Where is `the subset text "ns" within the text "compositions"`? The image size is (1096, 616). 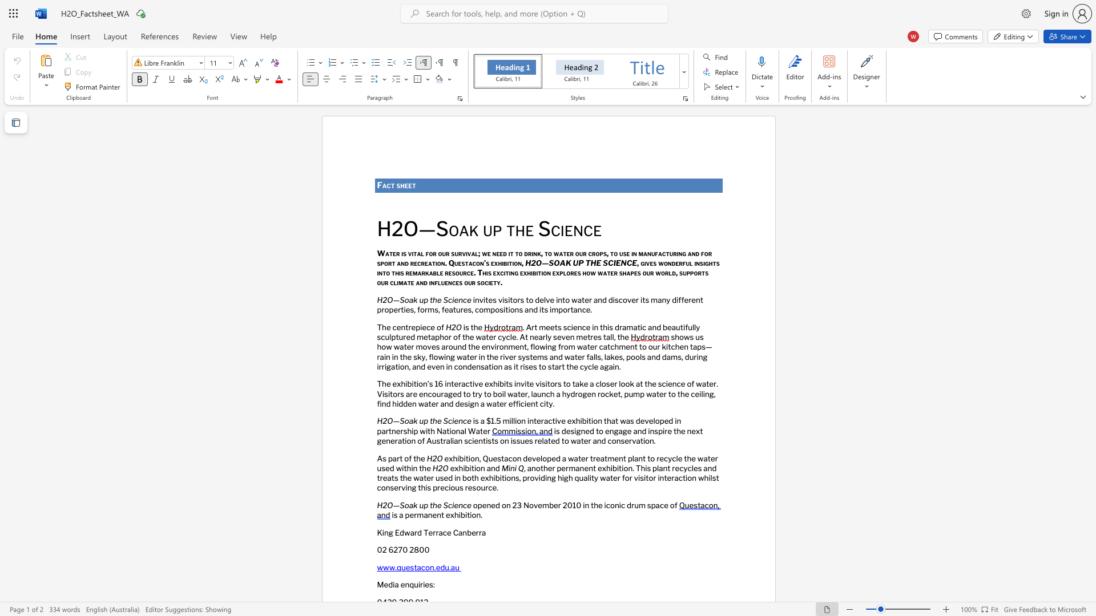
the subset text "ns" within the text "compositions" is located at coordinates (514, 310).